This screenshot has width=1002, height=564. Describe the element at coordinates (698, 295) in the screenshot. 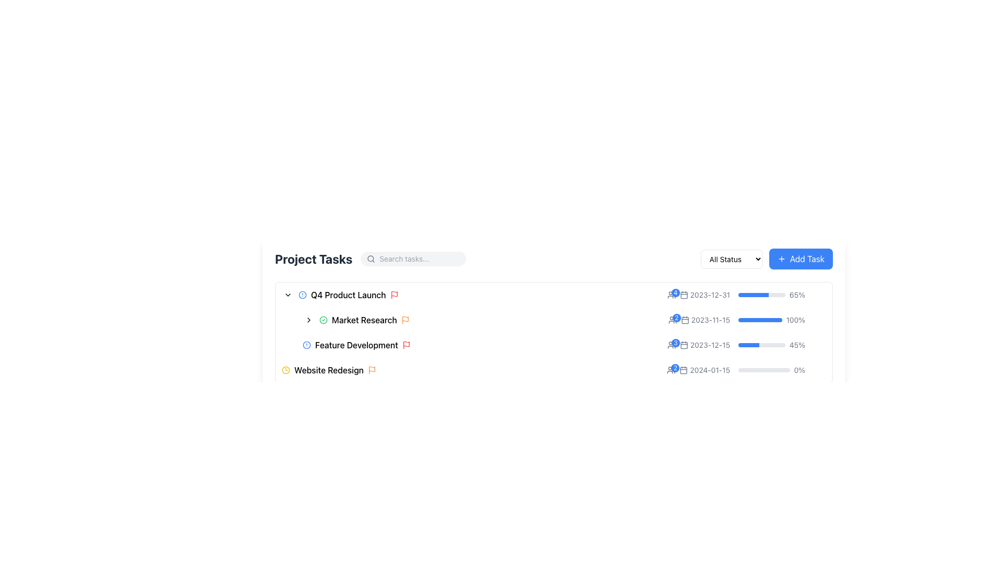

I see `date displayed in the Text and Icon Combination that shows the calendar icon and the text '2023-12-31' located in the second row of the task list on the right side of the interface` at that location.